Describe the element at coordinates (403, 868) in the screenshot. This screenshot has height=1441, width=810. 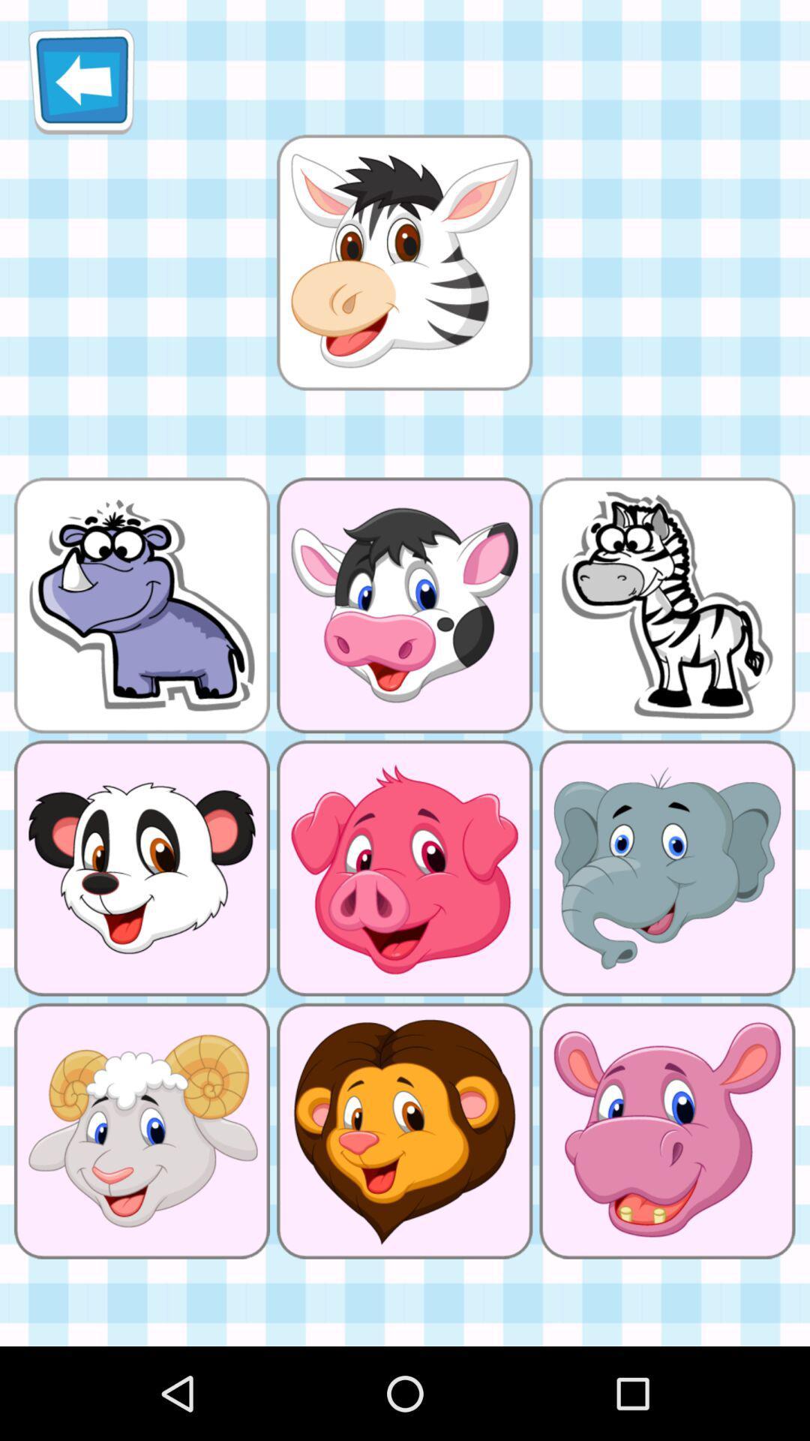
I see `the middle image which is surrounded by other images` at that location.